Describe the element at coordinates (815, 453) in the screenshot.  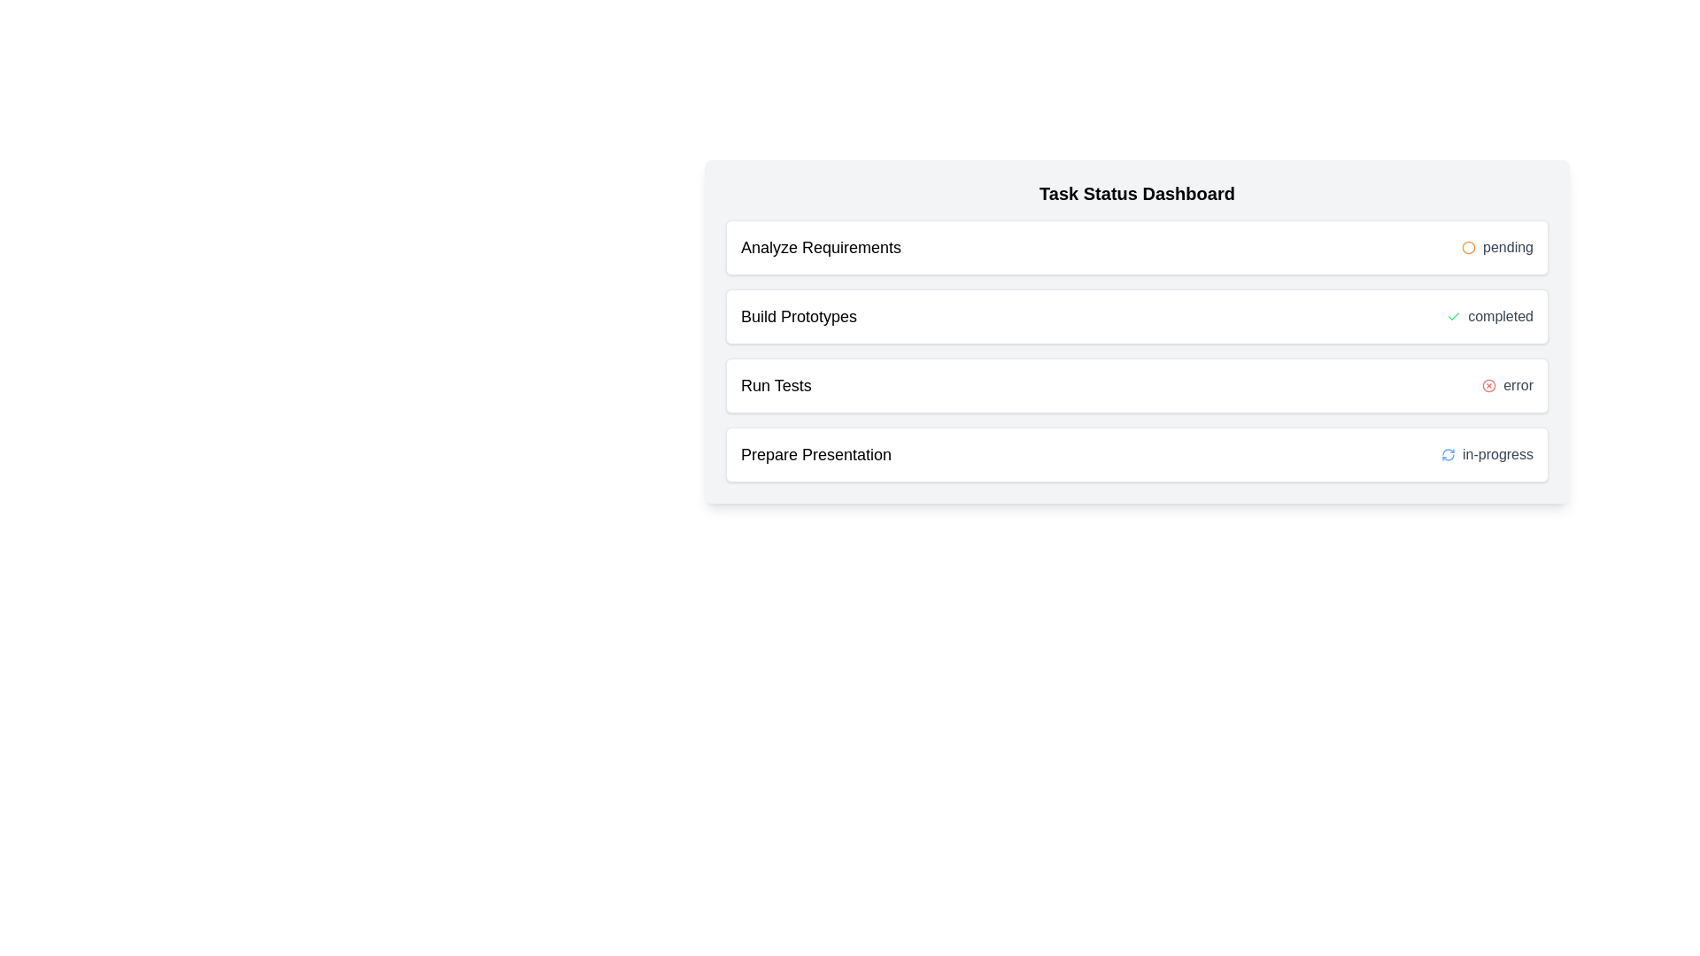
I see `the text label displaying 'Prepare Presentation', which is the first content block in the last card of the list and is left-aligned` at that location.